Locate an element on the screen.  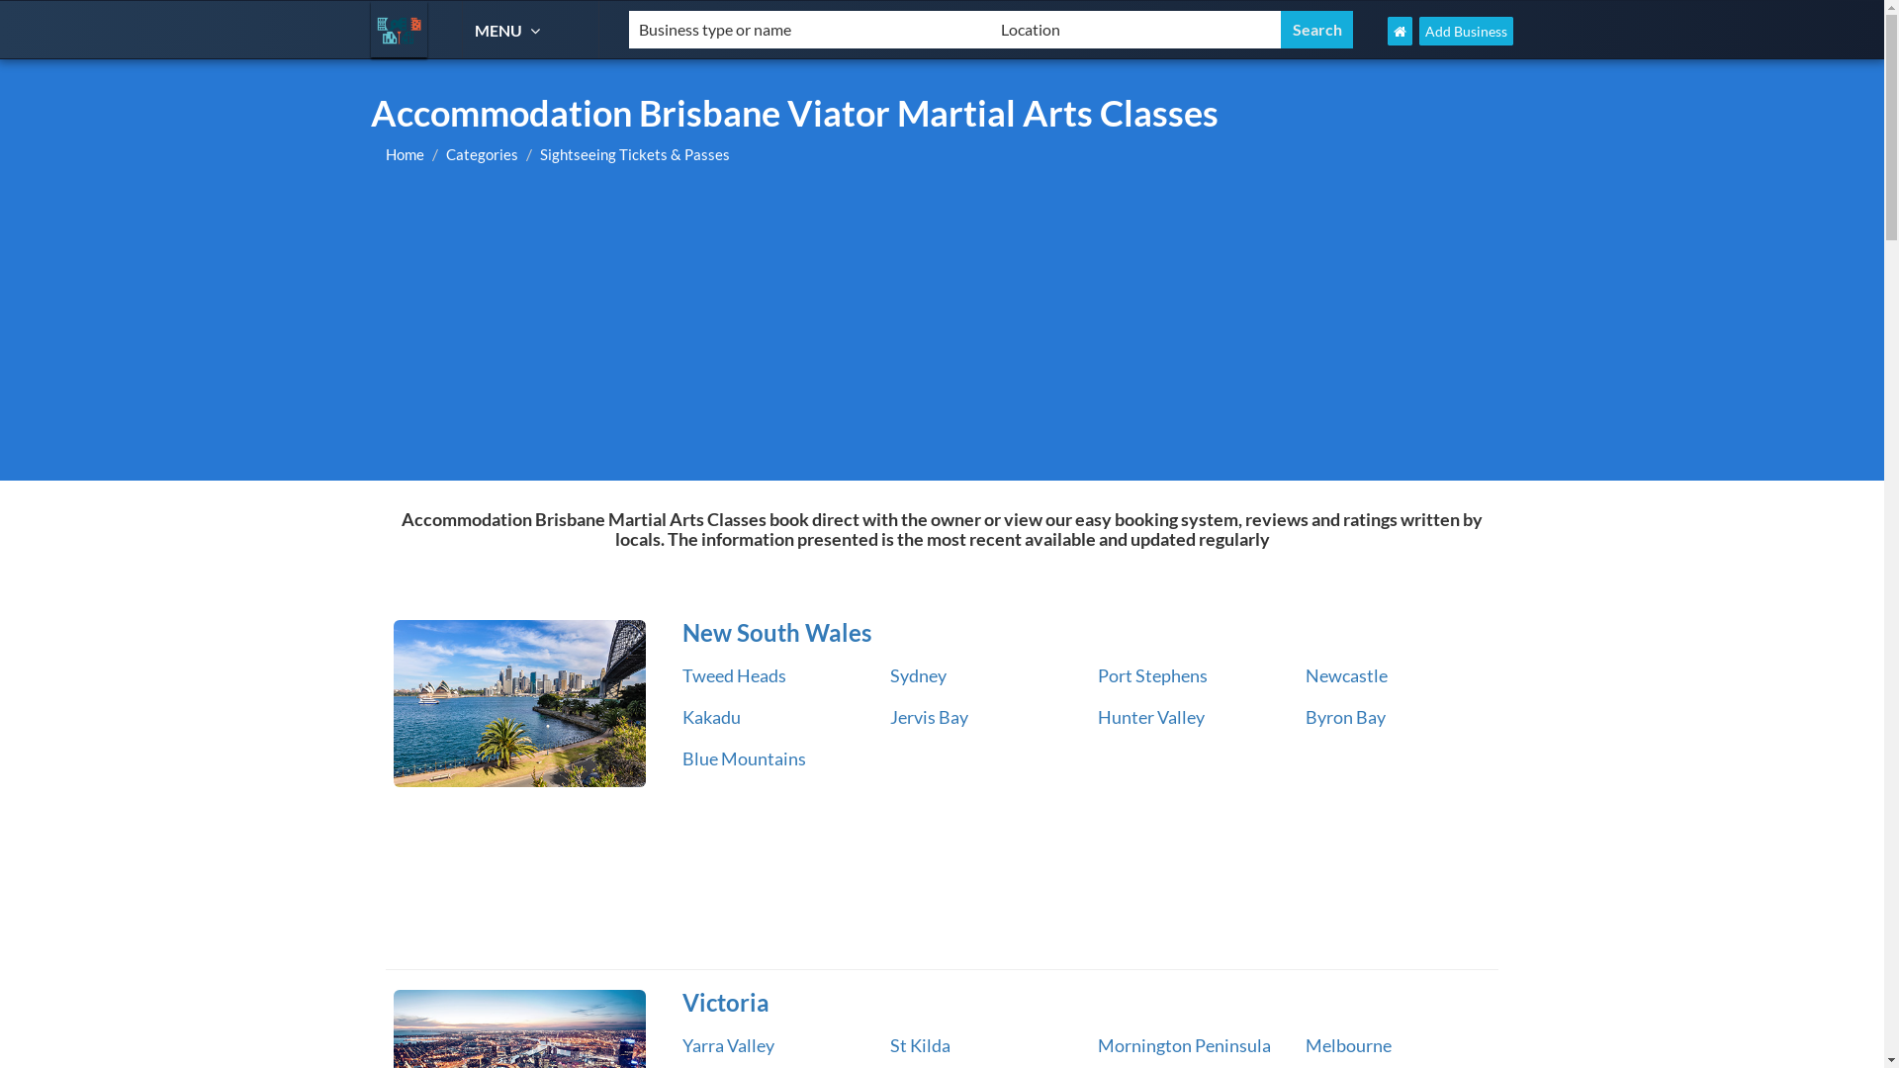
'Yarra Valley' is located at coordinates (727, 1043).